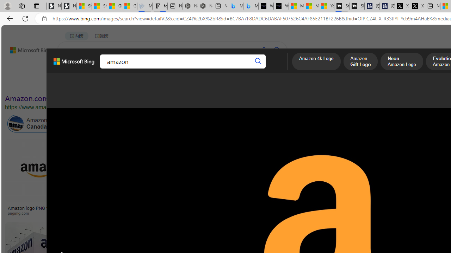  Describe the element at coordinates (106, 123) in the screenshot. I see `'Amazon Prime Online'` at that location.